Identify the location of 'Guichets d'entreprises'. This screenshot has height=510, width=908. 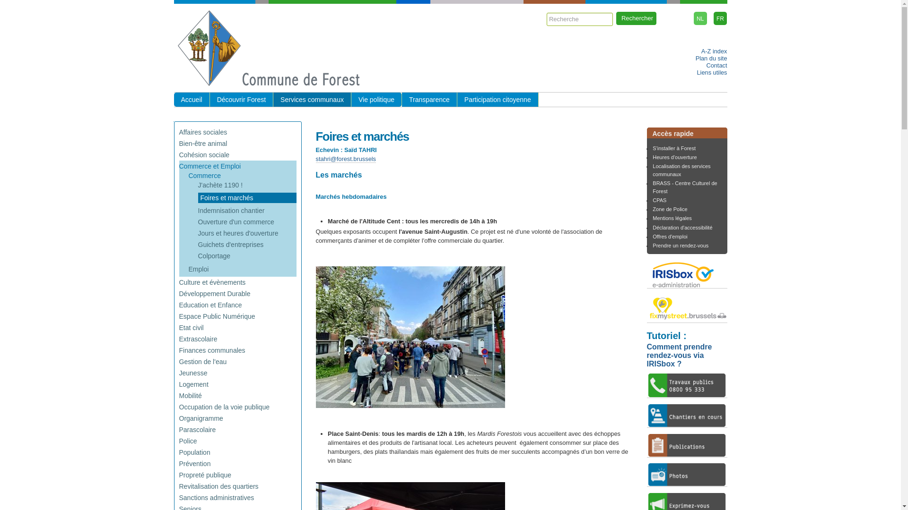
(197, 244).